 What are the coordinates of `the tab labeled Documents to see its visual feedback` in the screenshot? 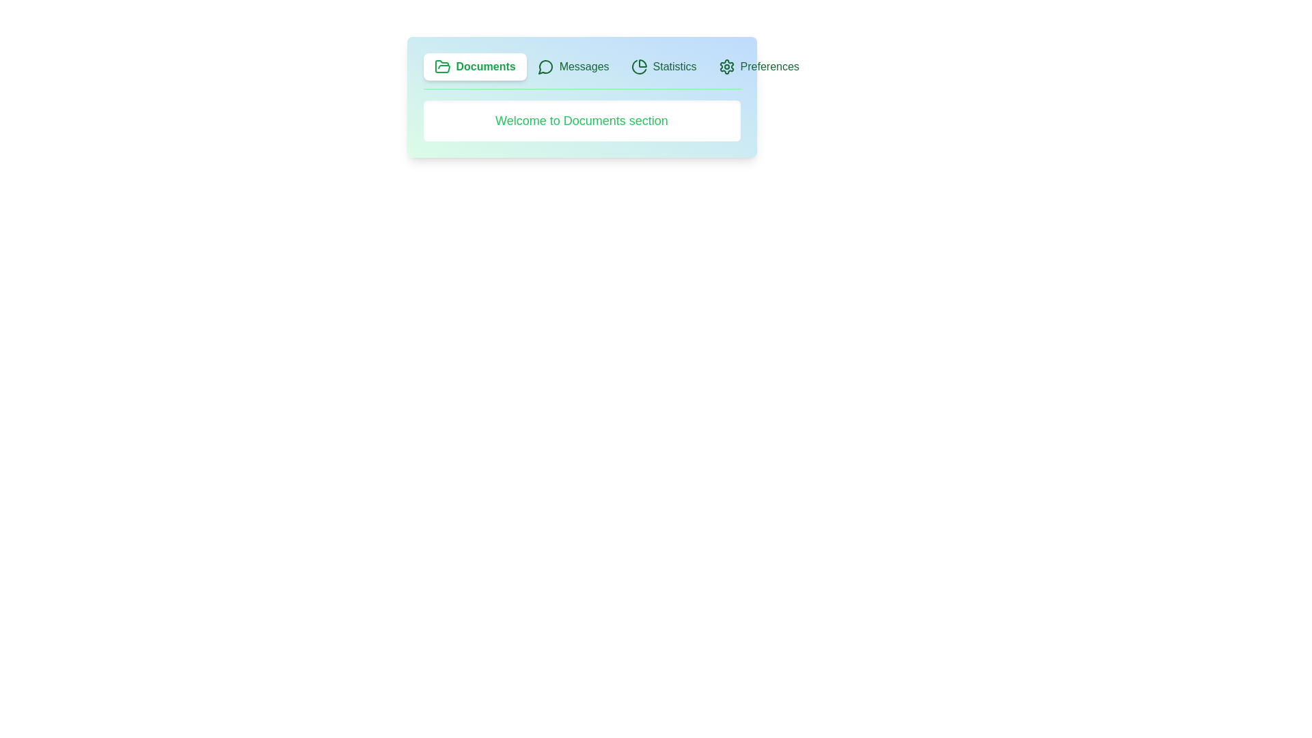 It's located at (475, 66).